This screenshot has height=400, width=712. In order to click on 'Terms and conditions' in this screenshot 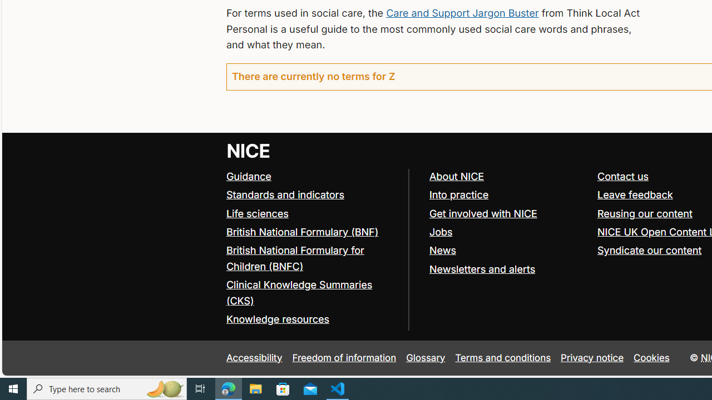, I will do `click(502, 358)`.